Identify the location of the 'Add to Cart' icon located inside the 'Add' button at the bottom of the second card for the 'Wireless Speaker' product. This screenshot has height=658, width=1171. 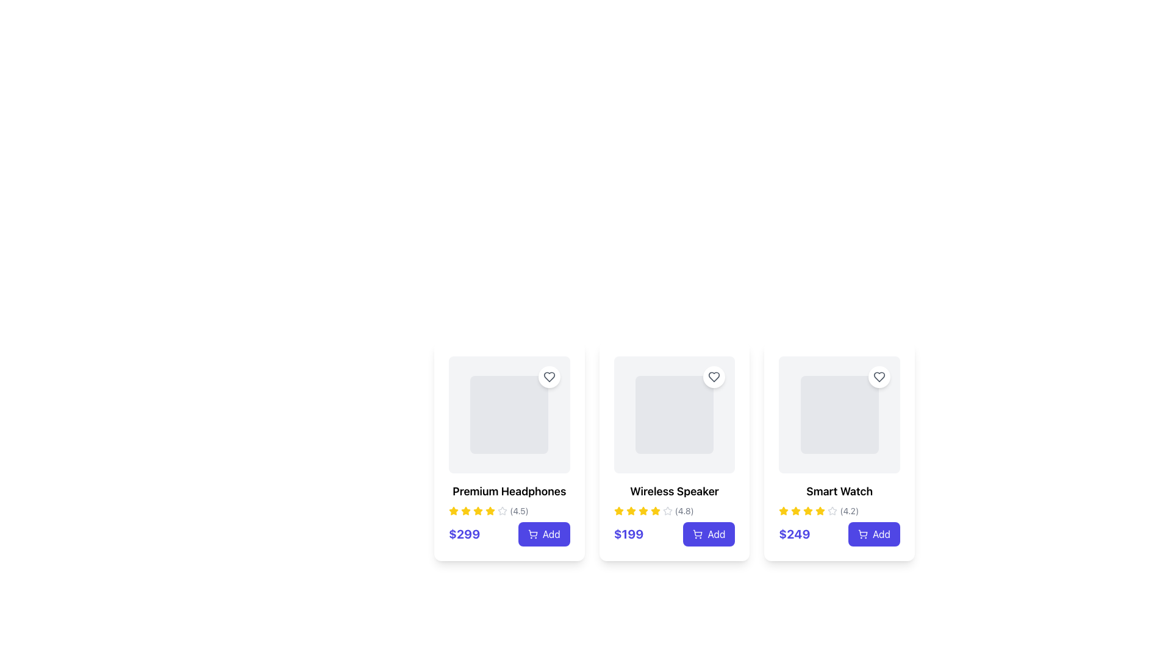
(698, 533).